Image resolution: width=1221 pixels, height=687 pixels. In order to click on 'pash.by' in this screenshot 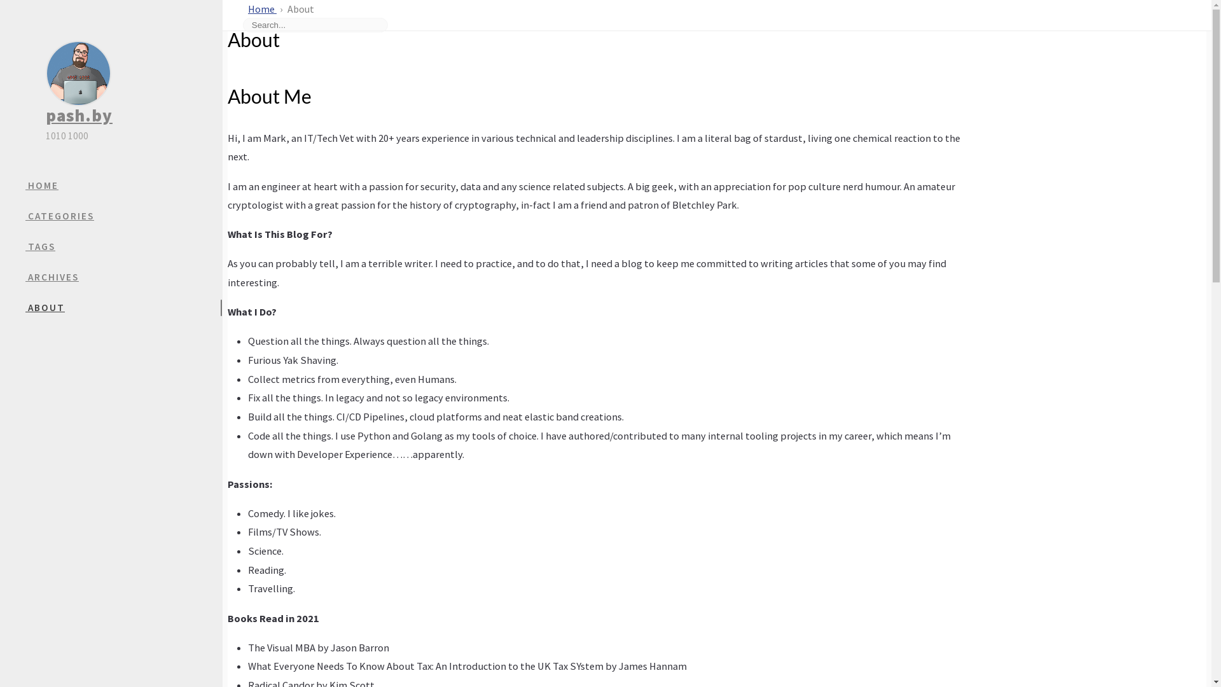, I will do `click(78, 115)`.